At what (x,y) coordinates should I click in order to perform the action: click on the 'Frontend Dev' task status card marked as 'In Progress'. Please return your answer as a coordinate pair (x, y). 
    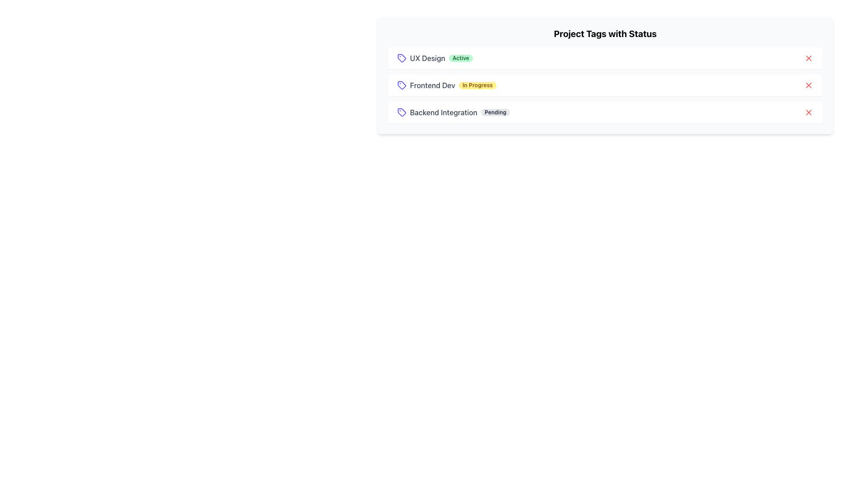
    Looking at the image, I should click on (605, 85).